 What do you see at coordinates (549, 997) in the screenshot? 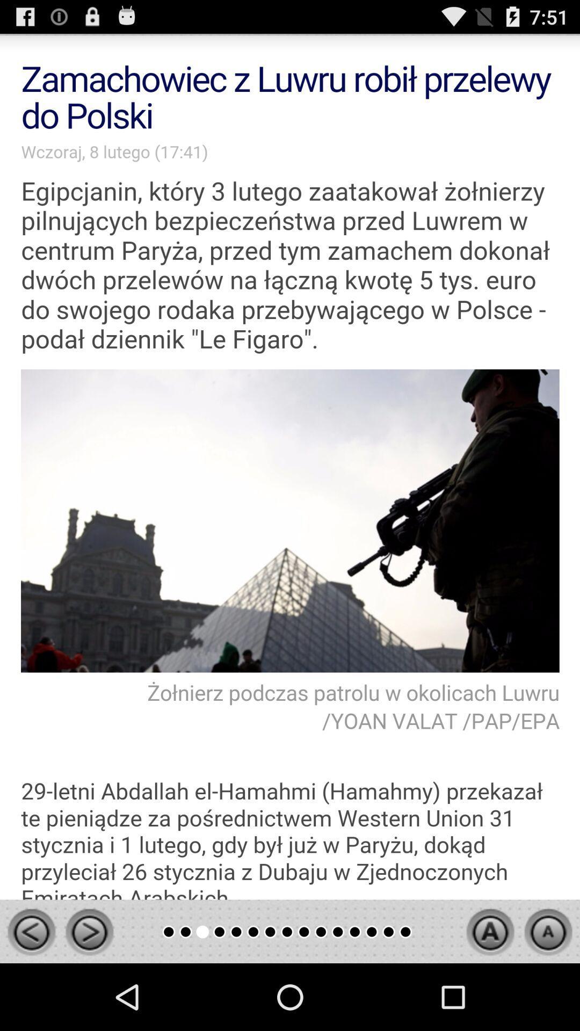
I see `the arrow_upward icon` at bounding box center [549, 997].